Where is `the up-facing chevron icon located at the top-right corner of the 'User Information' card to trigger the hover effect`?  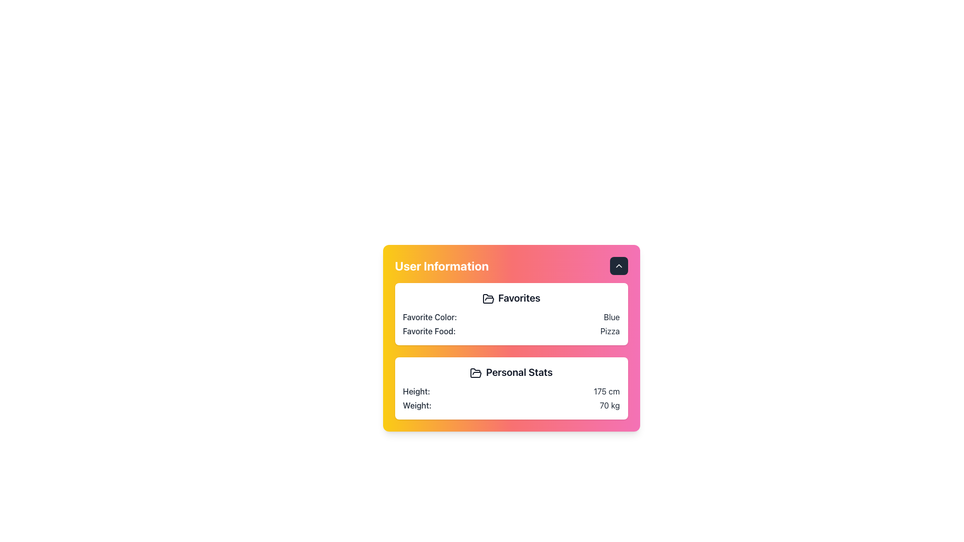
the up-facing chevron icon located at the top-right corner of the 'User Information' card to trigger the hover effect is located at coordinates (618, 265).